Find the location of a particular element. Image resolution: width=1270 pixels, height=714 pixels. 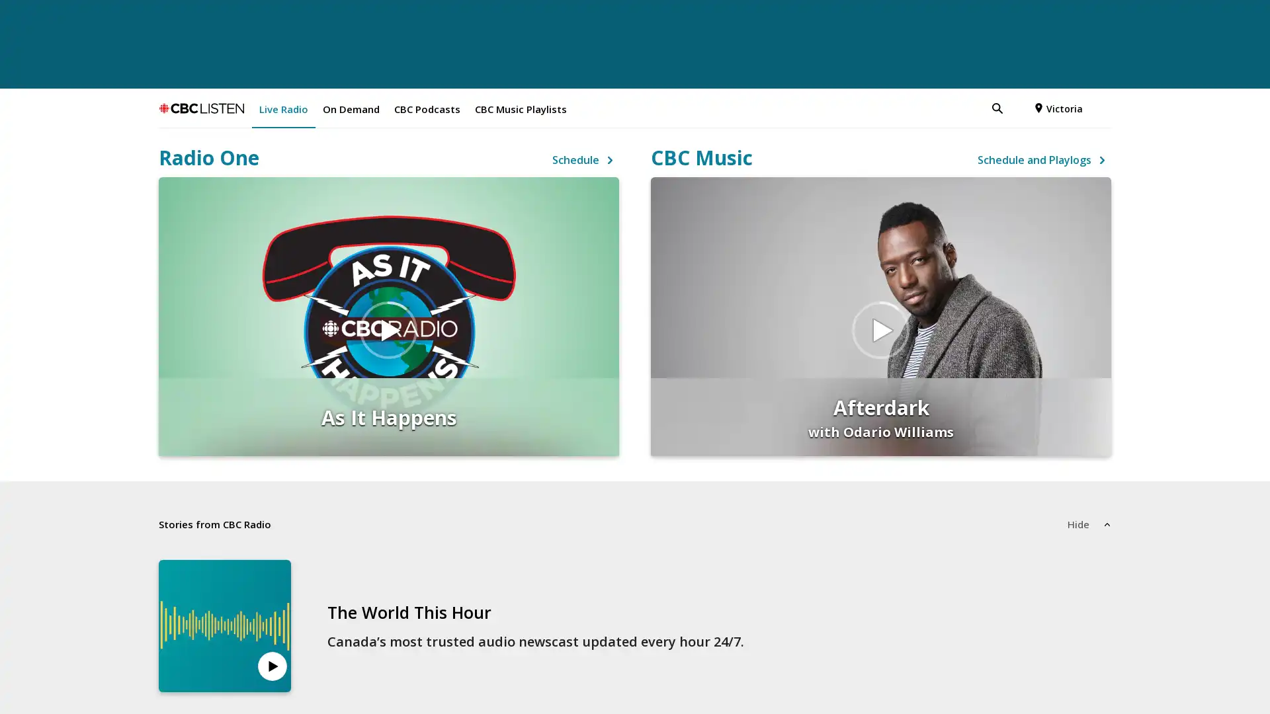

Hide breaking news carousel is located at coordinates (1089, 463).